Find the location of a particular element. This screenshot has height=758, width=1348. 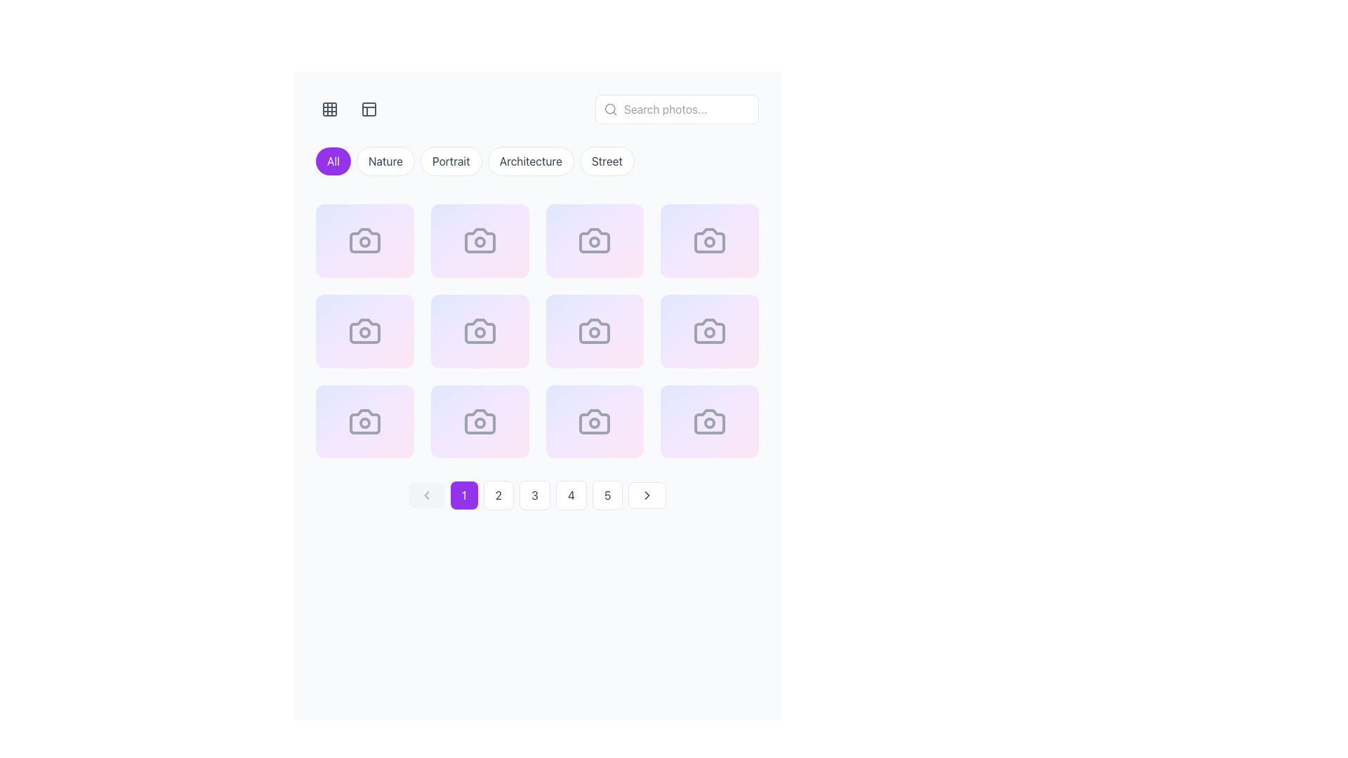

to select the Gallery card element labeled 'Photograph #8' with the category 'portrait', which features a camera icon and is positioned in the fourth column of the second row is located at coordinates (710, 331).